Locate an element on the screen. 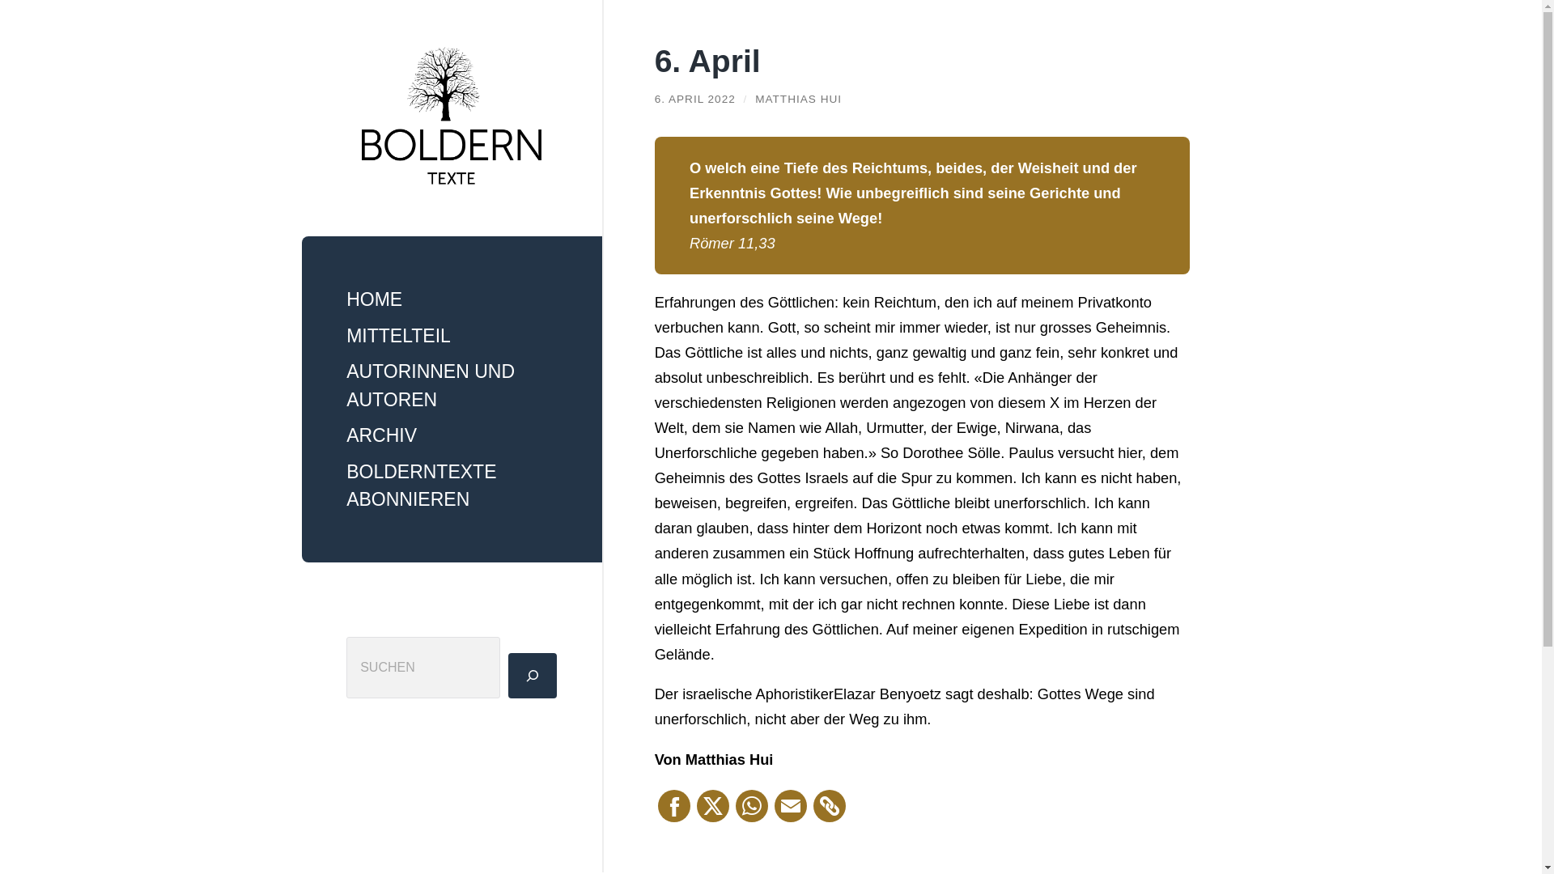 The image size is (1554, 874). 'BOLDERNTEXTE ABONNIEREN' is located at coordinates (451, 485).